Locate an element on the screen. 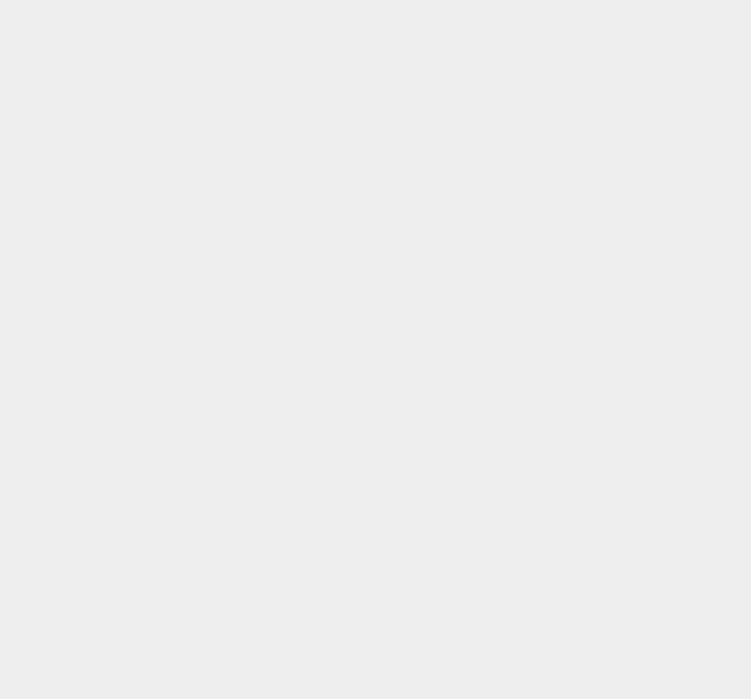 The image size is (751, 699). 'iOS 7.0.6' is located at coordinates (548, 67).